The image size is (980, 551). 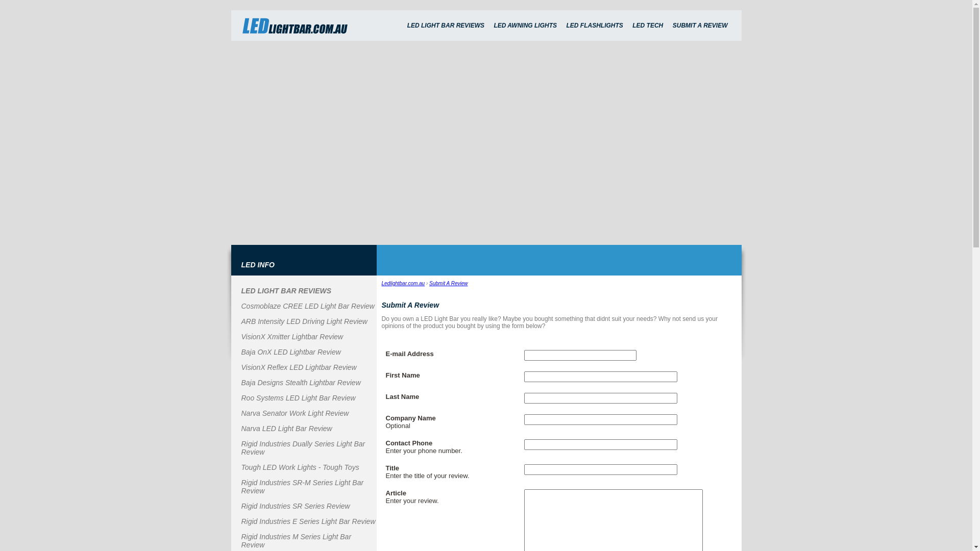 I want to click on 'VisionX Reflex LED Lightbar Review', so click(x=298, y=367).